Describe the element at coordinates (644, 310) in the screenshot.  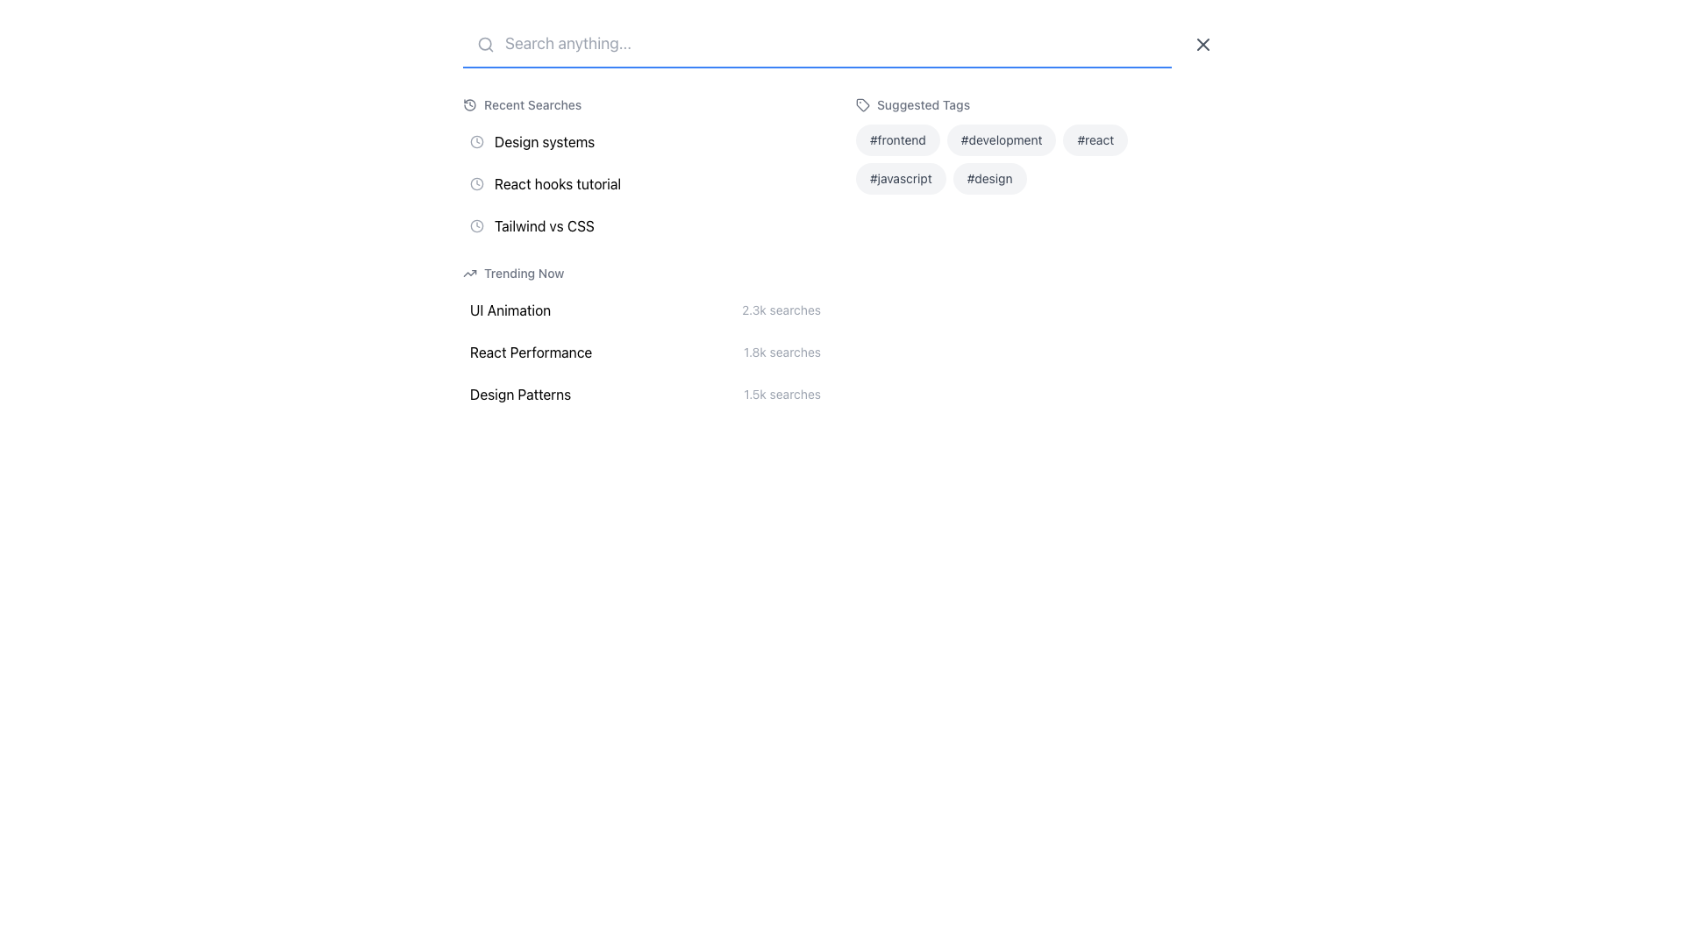
I see `the 'UI Animation' button in the 'Trending Now' section` at that location.